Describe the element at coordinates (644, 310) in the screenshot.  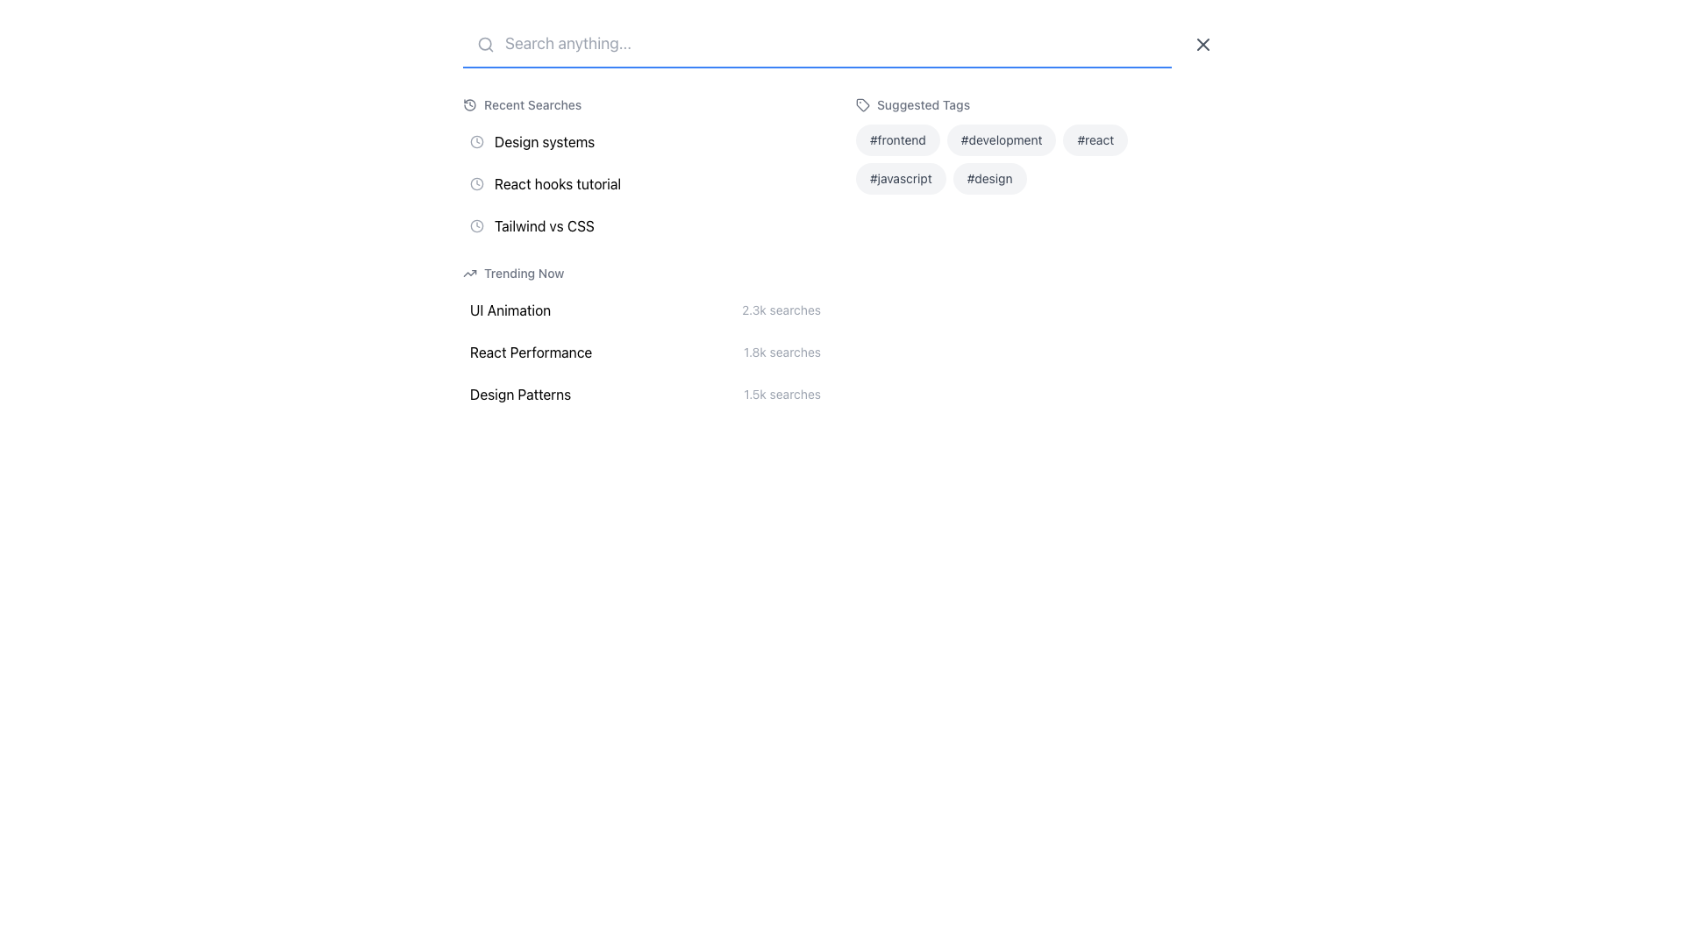
I see `the 'UI Animation' button in the 'Trending Now' section` at that location.